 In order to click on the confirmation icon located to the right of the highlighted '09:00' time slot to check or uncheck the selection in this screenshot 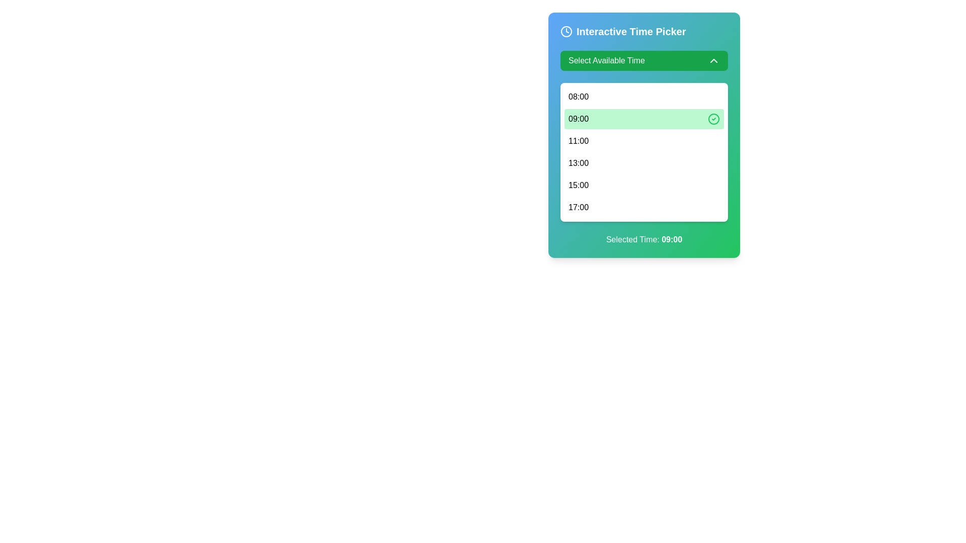, I will do `click(713, 118)`.